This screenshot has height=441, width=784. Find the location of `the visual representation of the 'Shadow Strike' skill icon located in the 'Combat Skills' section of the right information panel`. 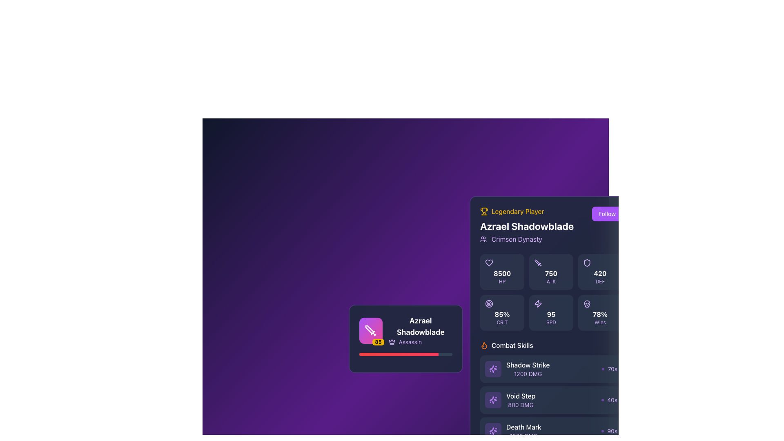

the visual representation of the 'Shadow Strike' skill icon located in the 'Combat Skills' section of the right information panel is located at coordinates (492, 369).